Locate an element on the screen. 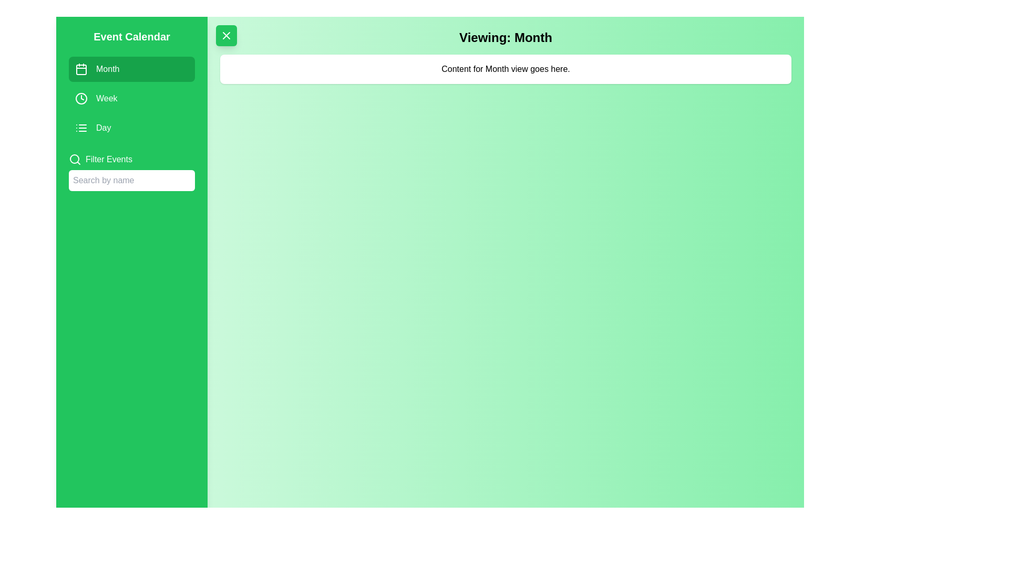 The image size is (1009, 567). the toggle button to toggle the visibility of the navigation drawer is located at coordinates (226, 35).